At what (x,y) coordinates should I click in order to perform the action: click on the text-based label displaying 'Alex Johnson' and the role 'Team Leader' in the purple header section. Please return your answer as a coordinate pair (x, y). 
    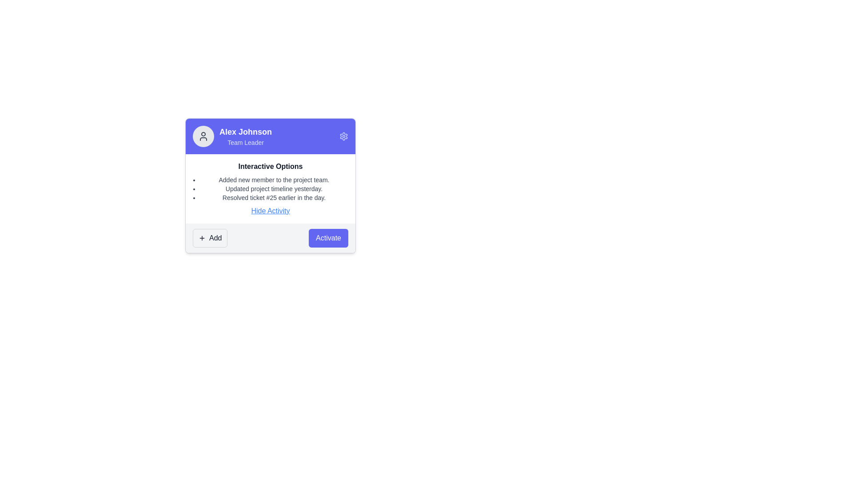
    Looking at the image, I should click on (232, 136).